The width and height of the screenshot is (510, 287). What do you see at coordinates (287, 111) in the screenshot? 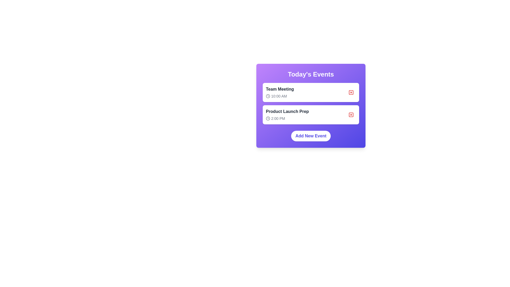
I see `the label indicating 'Product Launch Prep', which is positioned under the 'Today's Events' label in the second event entry, above the time entry '2:00 PM' and to the left of the delete icon` at bounding box center [287, 111].